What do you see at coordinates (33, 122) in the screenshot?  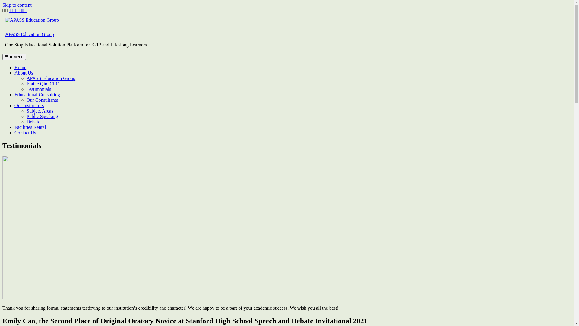 I see `'Debate'` at bounding box center [33, 122].